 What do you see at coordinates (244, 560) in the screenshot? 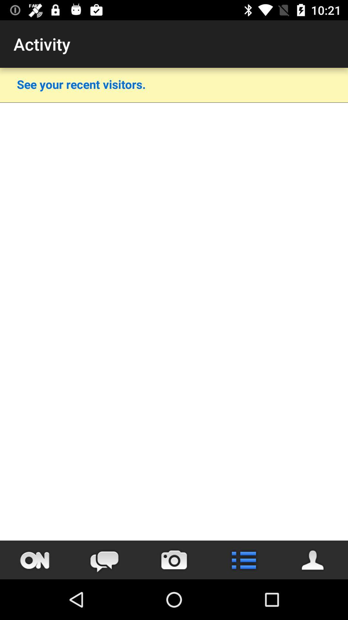
I see `open menu` at bounding box center [244, 560].